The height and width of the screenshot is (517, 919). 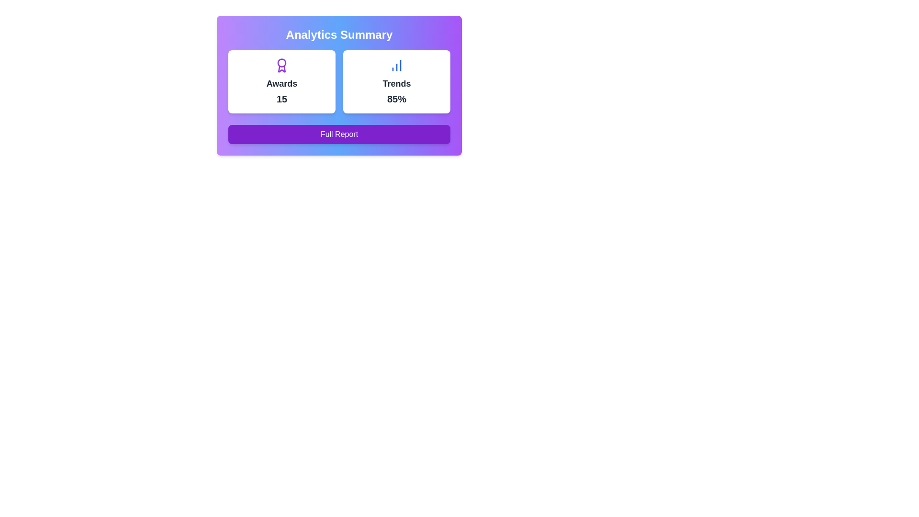 What do you see at coordinates (281, 65) in the screenshot?
I see `the badge icon representing achievements or awards, located centrally in the left card under the 'Analytics Summary' header, directly above the 'Awards' label` at bounding box center [281, 65].